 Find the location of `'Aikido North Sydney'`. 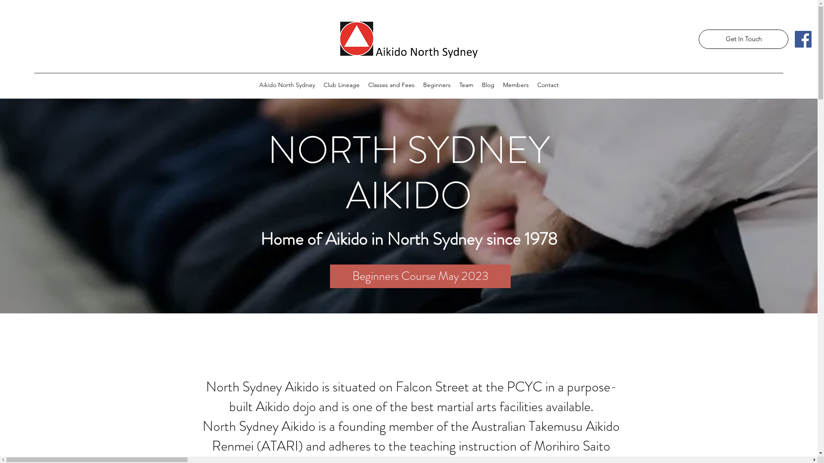

'Aikido North Sydney' is located at coordinates (287, 85).